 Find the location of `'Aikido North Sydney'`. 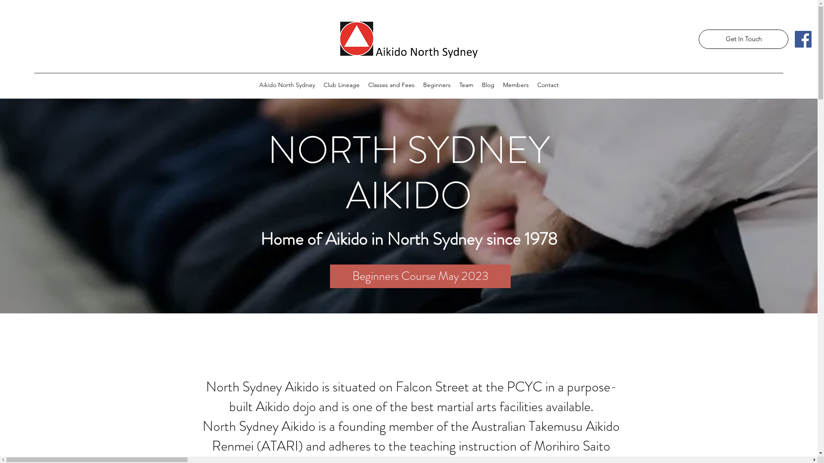

'Aikido North Sydney' is located at coordinates (287, 85).